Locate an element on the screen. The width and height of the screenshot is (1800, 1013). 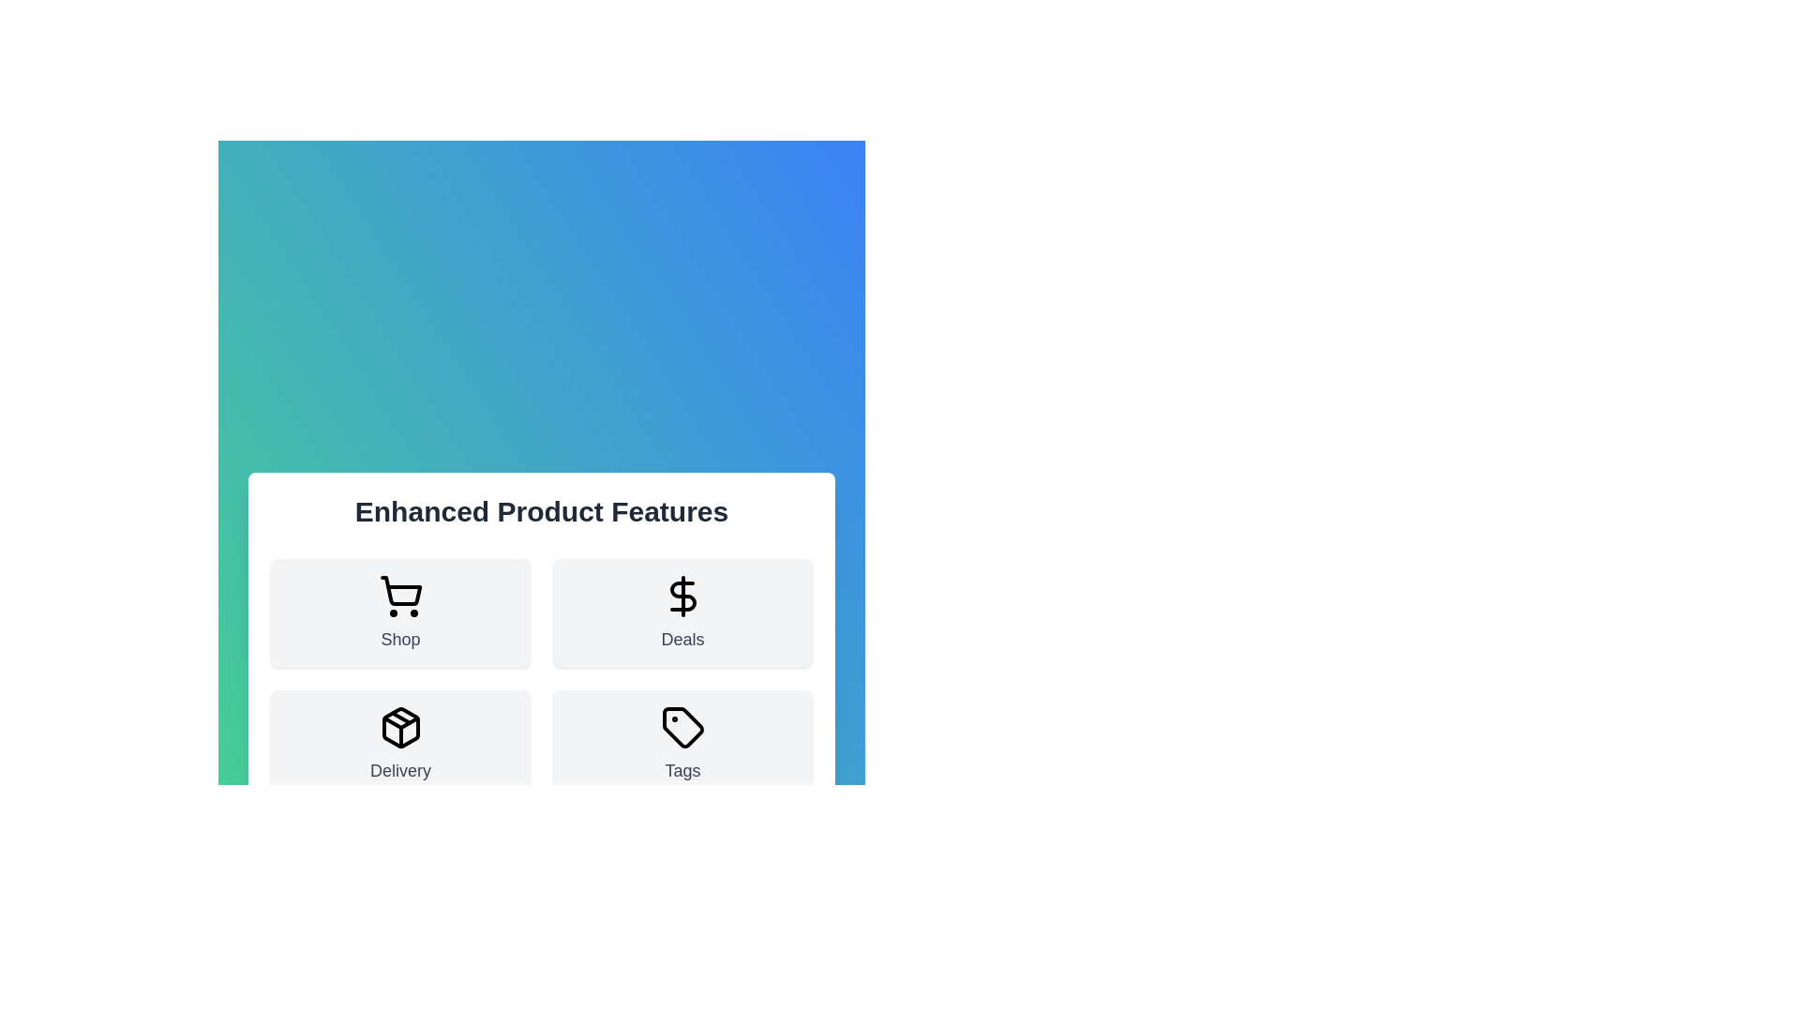
the 'Tags' button, which features a price tag icon and is located in the bottom-right corner of the grid layout below the 'Enhanced Product Features' heading is located at coordinates (682, 744).